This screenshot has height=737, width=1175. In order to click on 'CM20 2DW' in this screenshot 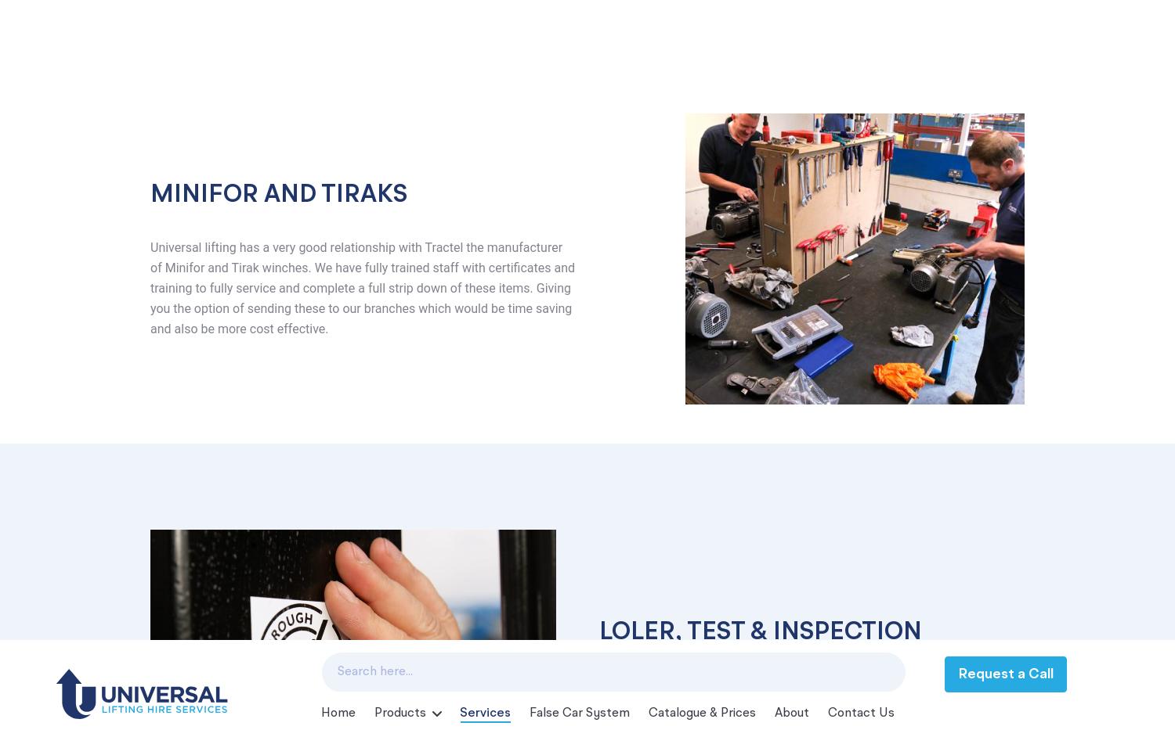, I will do `click(210, 513)`.